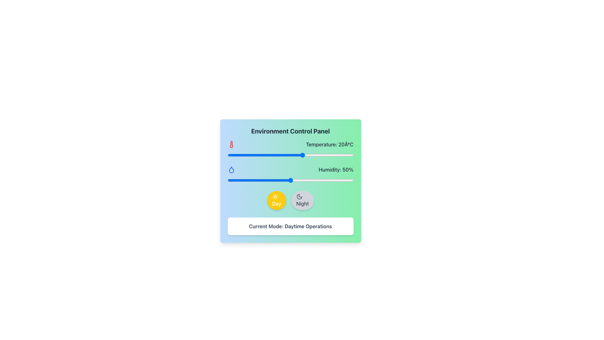 The height and width of the screenshot is (340, 604). I want to click on the humidity, so click(343, 180).